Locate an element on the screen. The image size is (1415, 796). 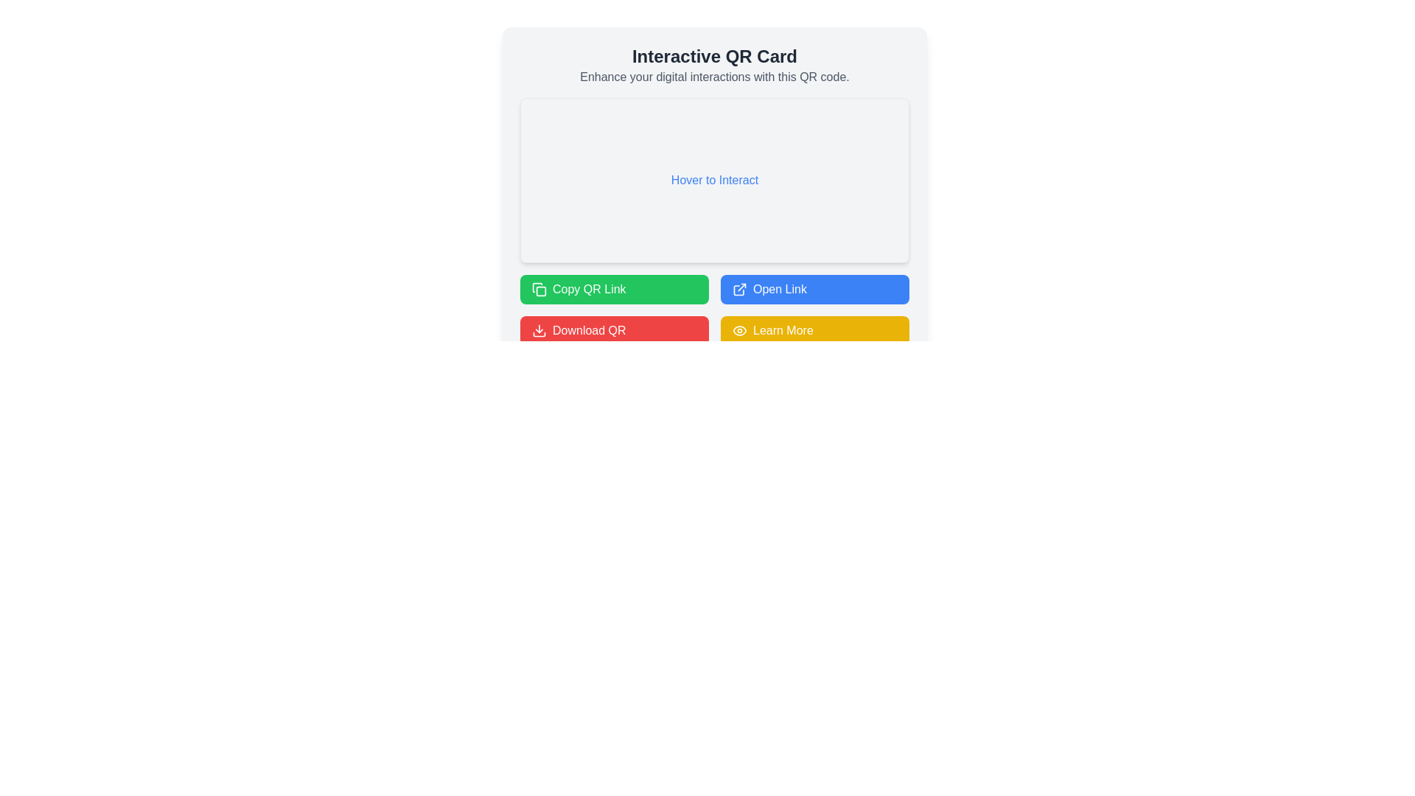
the eye-shaped icon located to the left of the 'Learn More' text within the yellow button in the bottom right corner of the interface is located at coordinates (739, 329).